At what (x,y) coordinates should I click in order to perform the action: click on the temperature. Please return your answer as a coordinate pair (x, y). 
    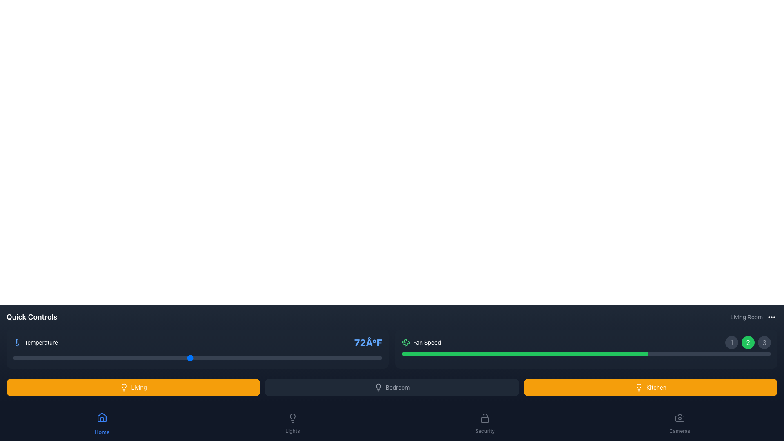
    Looking at the image, I should click on (294, 357).